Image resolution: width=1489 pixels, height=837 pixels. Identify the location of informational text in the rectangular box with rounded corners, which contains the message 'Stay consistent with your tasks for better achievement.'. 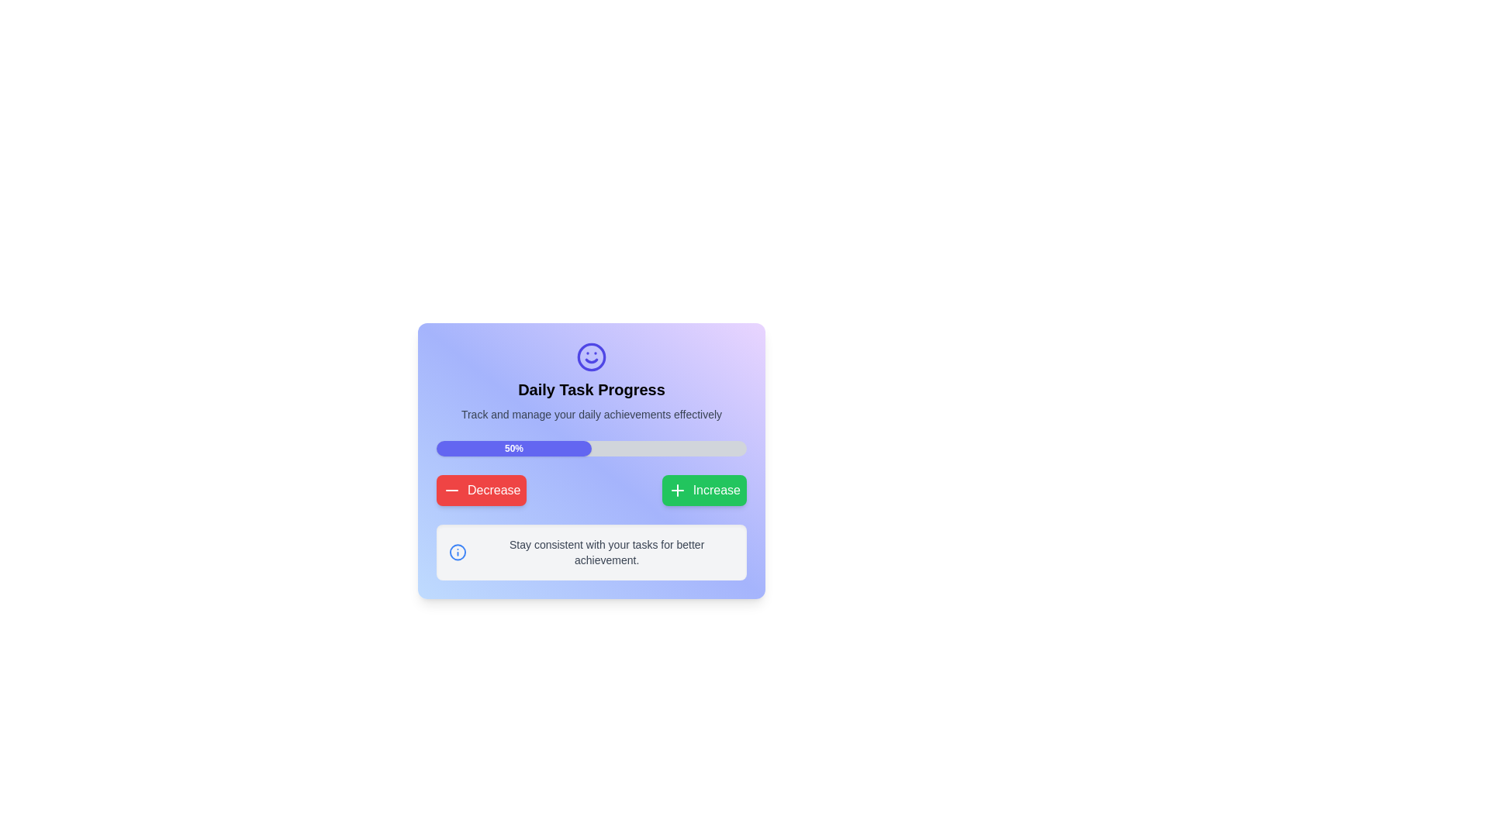
(591, 552).